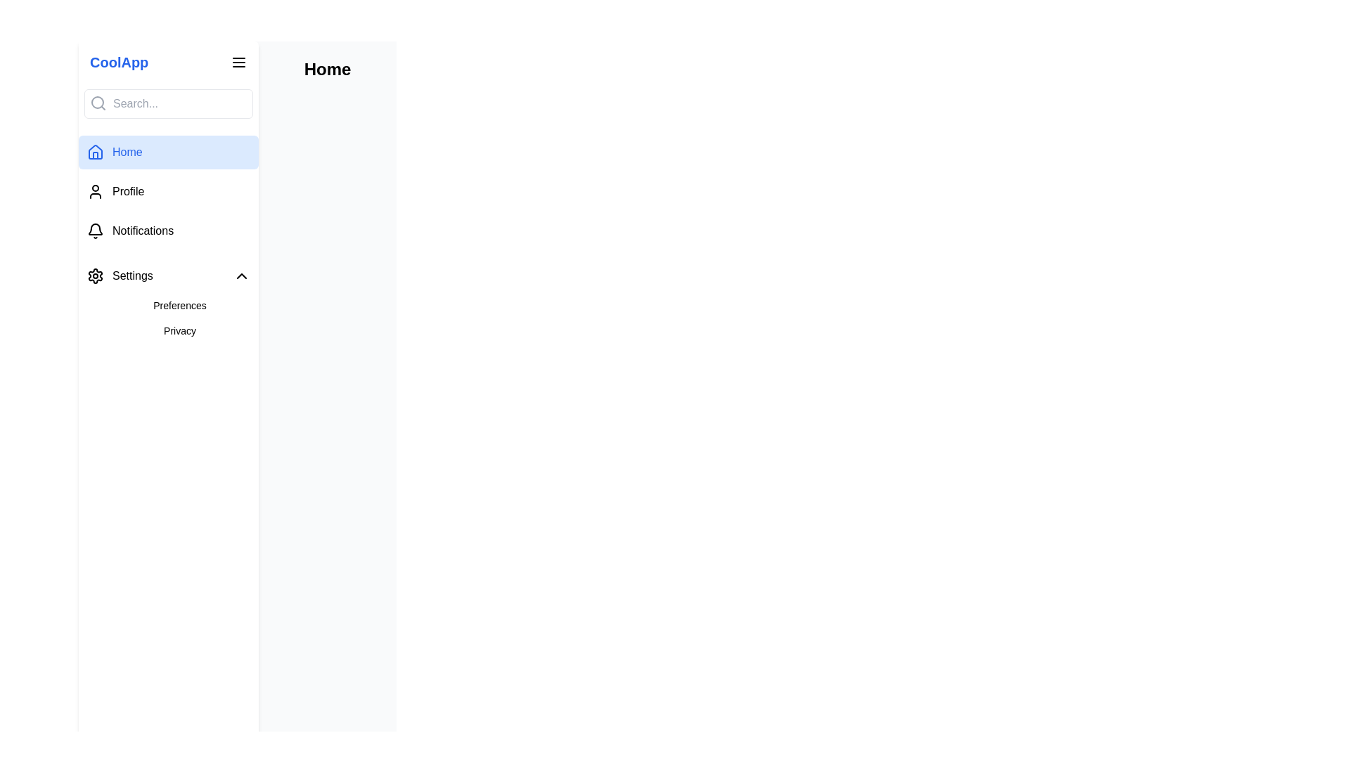 The height and width of the screenshot is (759, 1350). What do you see at coordinates (143, 230) in the screenshot?
I see `the notifications text label` at bounding box center [143, 230].